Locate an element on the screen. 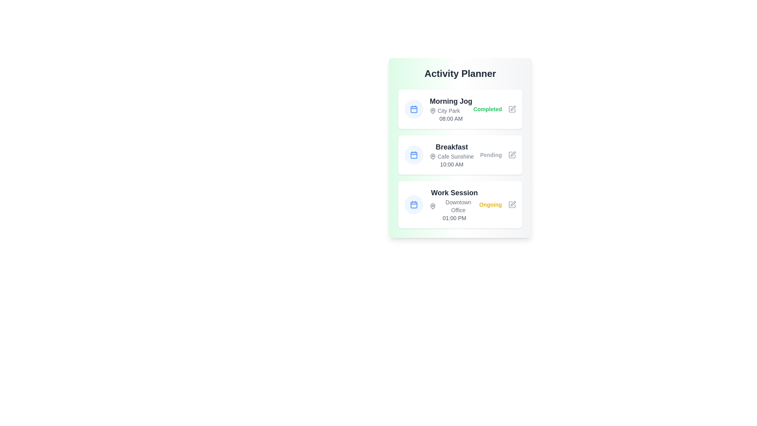  the blue and white calendar icon located at the bottom item of the 'Activity Planner' section, specifically at the top left corner of the 'Work Session' entry is located at coordinates (414, 204).